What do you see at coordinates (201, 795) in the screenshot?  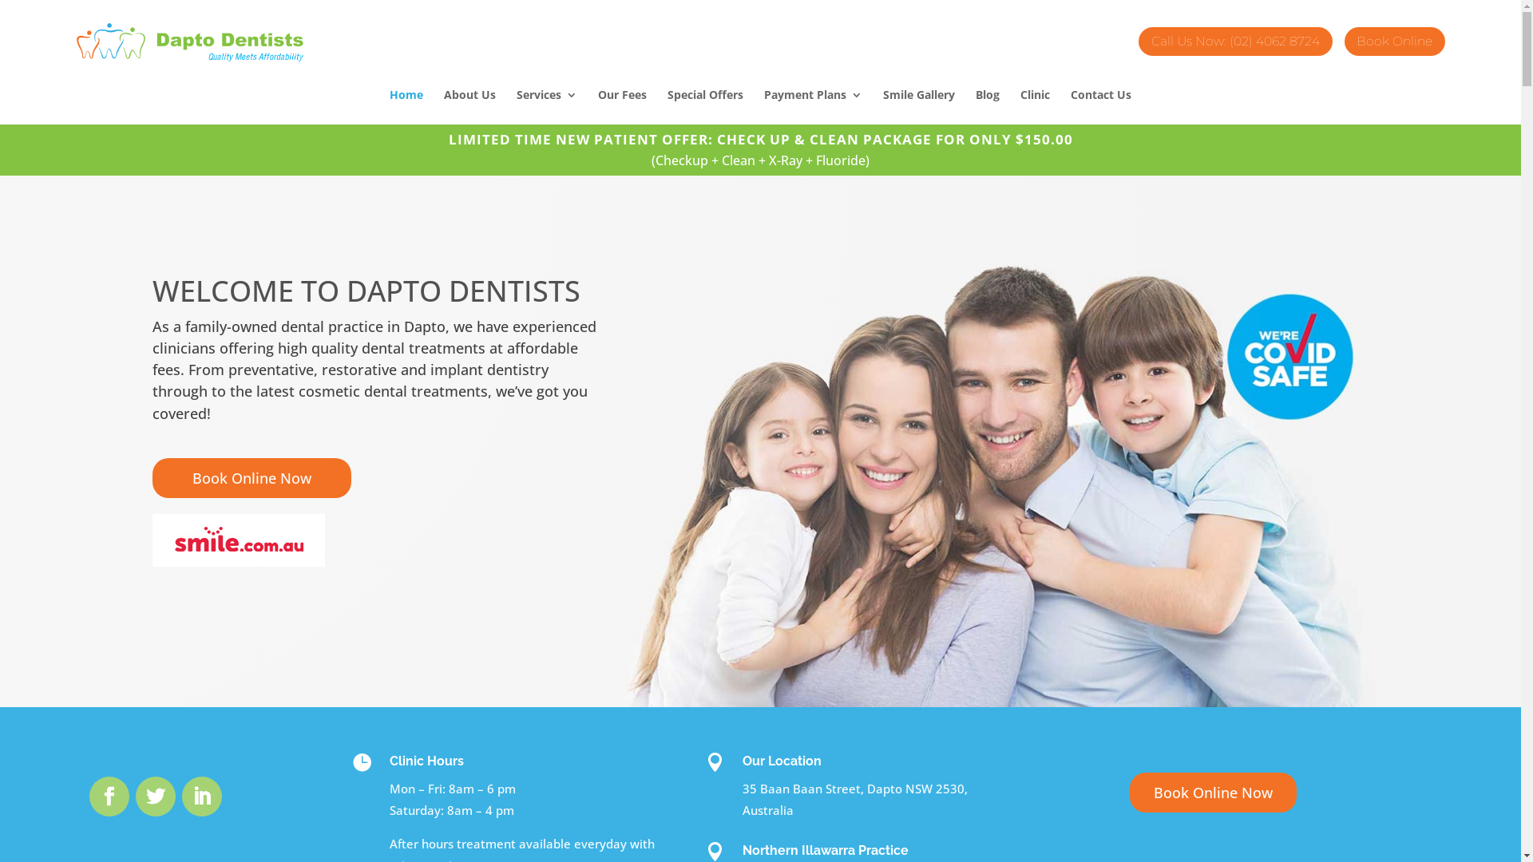 I see `'Follow on LinkedIn'` at bounding box center [201, 795].